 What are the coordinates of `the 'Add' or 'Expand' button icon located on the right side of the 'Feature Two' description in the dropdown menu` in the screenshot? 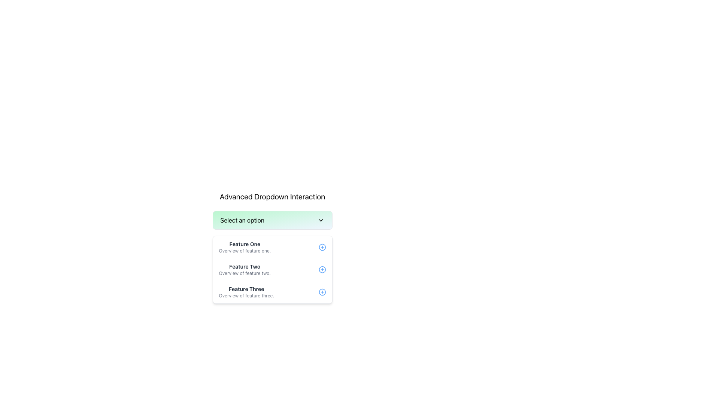 It's located at (322, 270).